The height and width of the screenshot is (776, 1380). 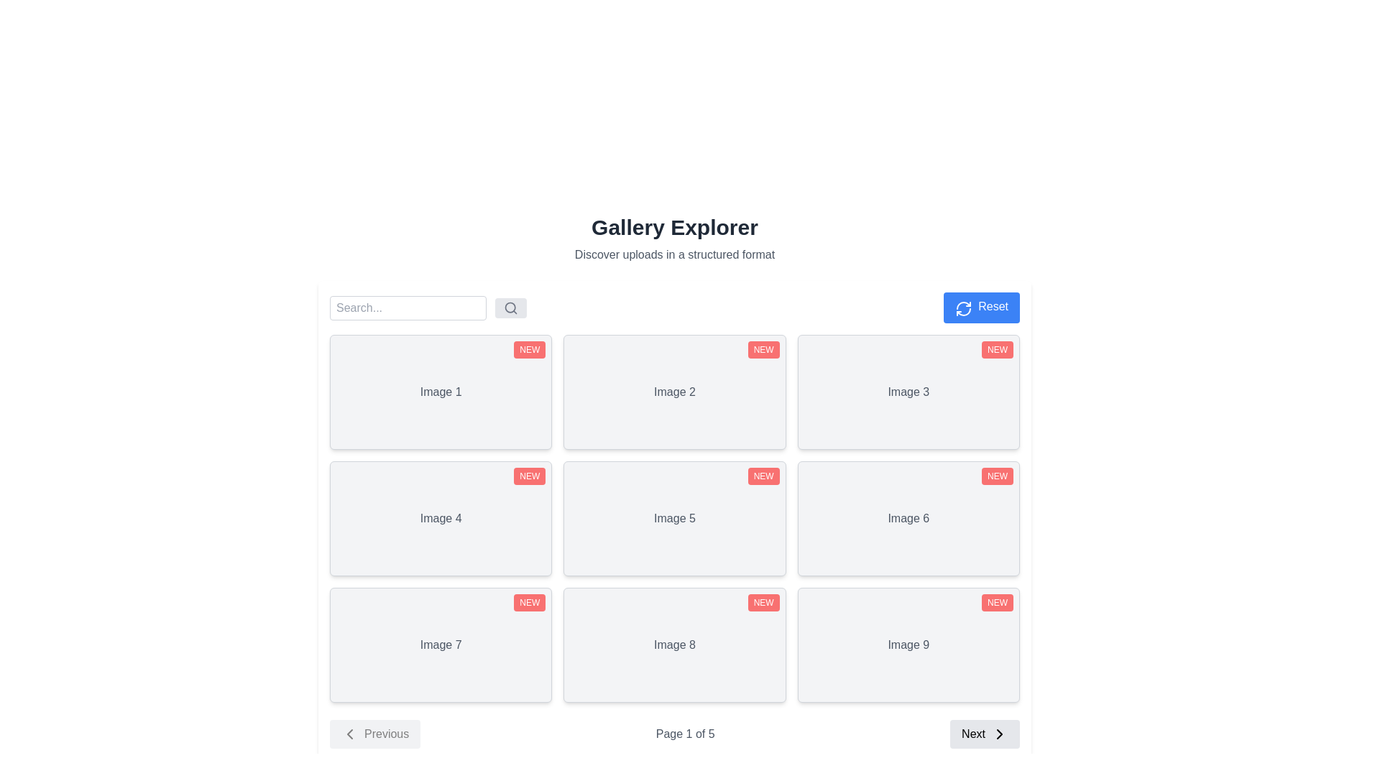 I want to click on the badge labeled 'NEW' with a red background located in the top-right corner of the 'Image 4' card, so click(x=529, y=476).